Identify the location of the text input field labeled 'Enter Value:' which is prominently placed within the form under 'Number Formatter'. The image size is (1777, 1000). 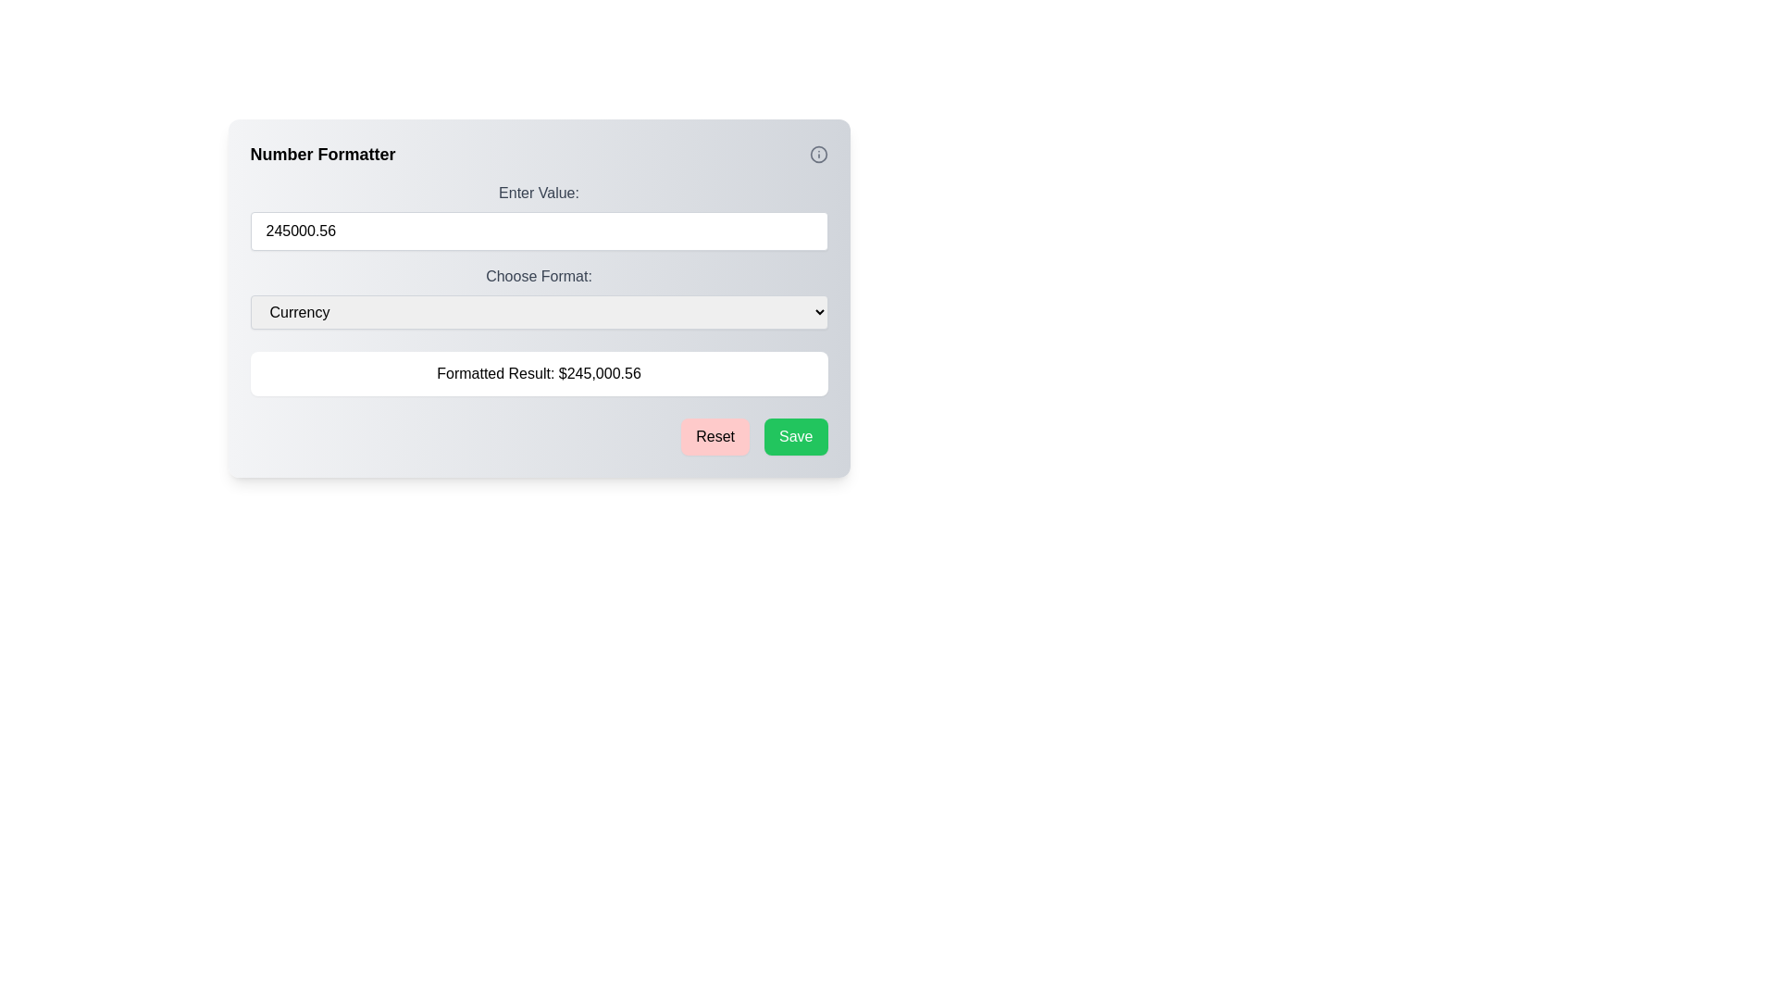
(538, 216).